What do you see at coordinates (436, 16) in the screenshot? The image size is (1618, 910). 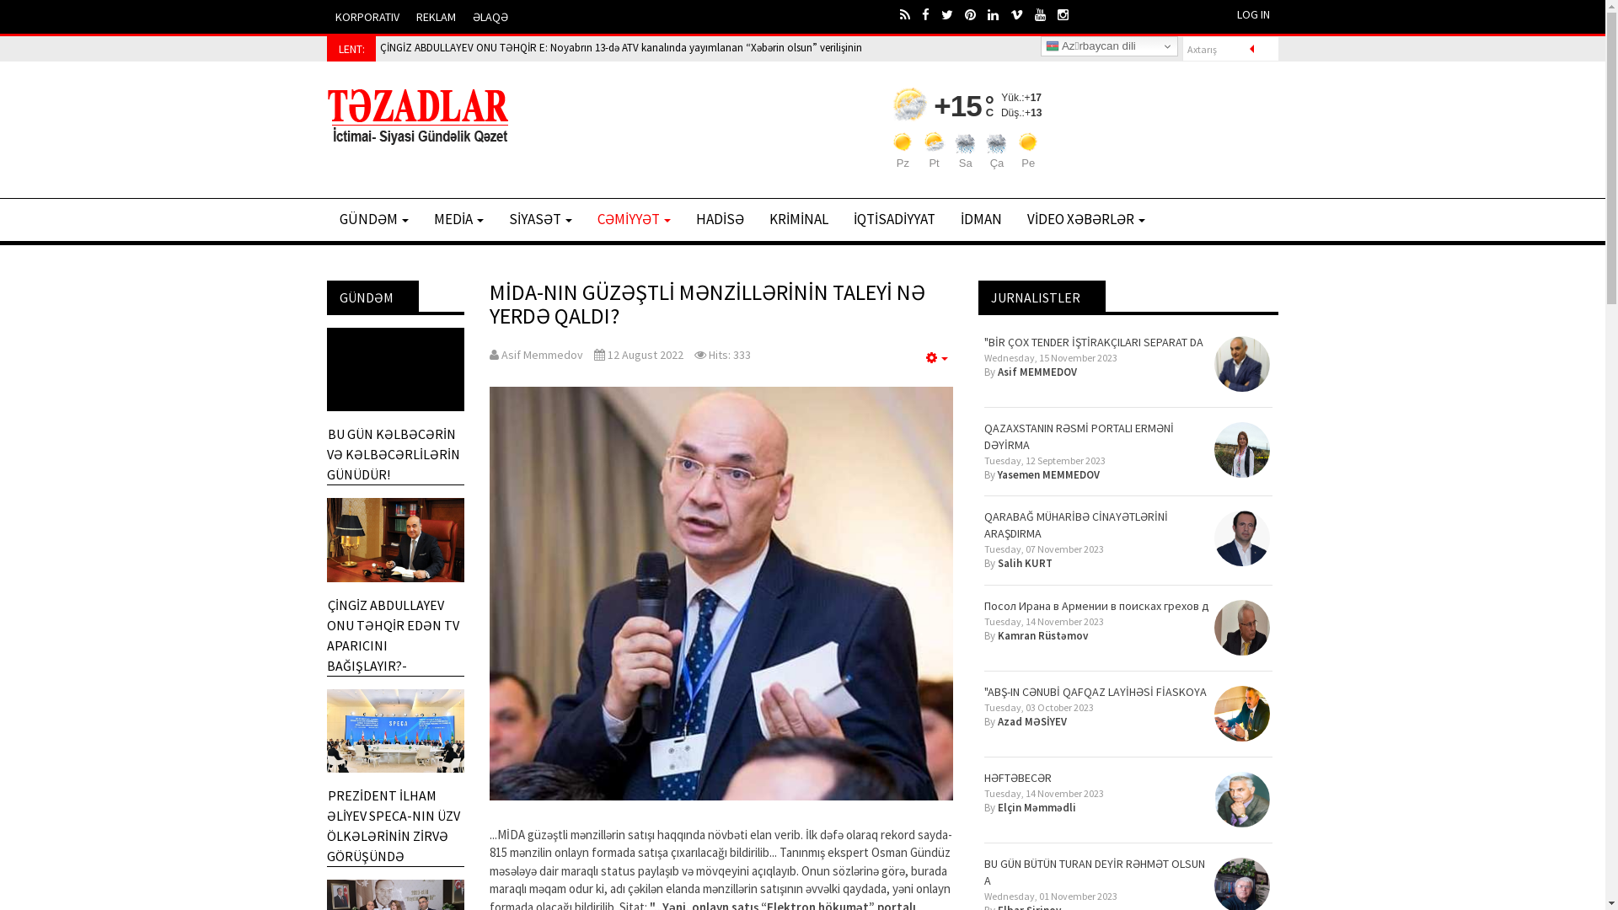 I see `'REKLAM'` at bounding box center [436, 16].